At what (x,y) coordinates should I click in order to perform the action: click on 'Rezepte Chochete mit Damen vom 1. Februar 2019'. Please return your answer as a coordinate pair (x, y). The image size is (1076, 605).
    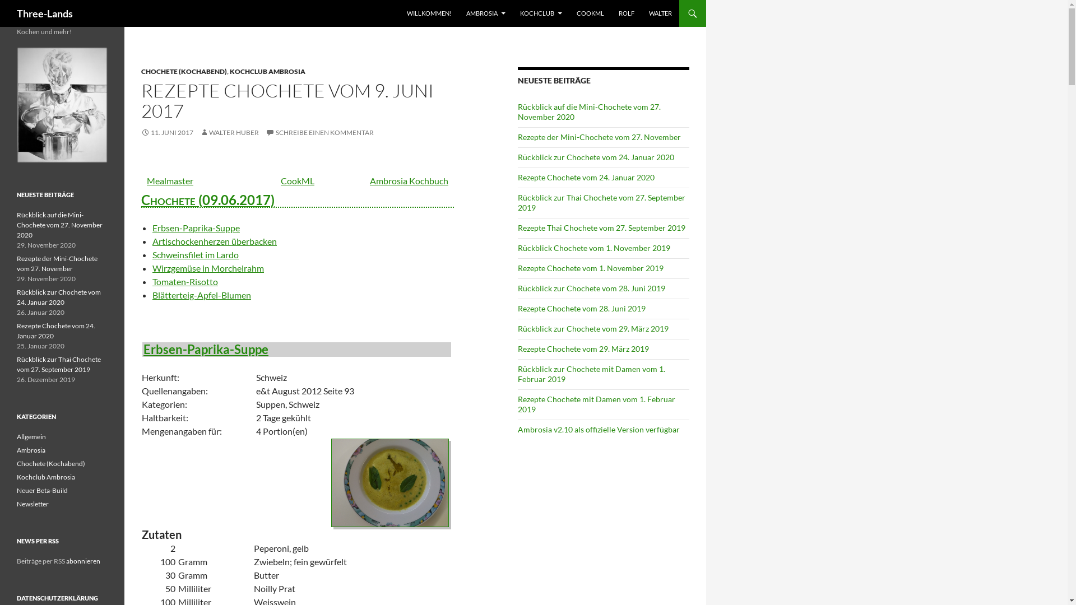
    Looking at the image, I should click on (596, 404).